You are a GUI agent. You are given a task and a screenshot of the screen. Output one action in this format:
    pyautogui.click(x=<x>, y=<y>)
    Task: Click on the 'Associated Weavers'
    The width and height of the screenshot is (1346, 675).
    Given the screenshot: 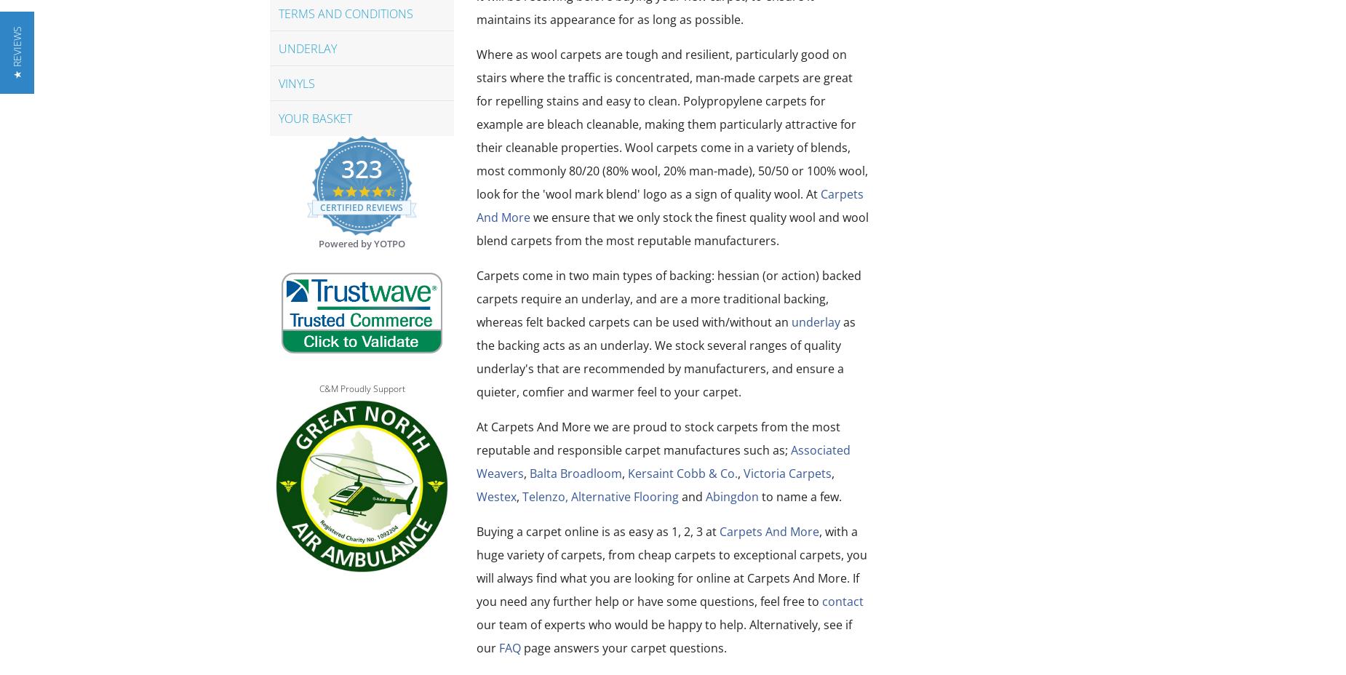 What is the action you would take?
    pyautogui.click(x=477, y=462)
    